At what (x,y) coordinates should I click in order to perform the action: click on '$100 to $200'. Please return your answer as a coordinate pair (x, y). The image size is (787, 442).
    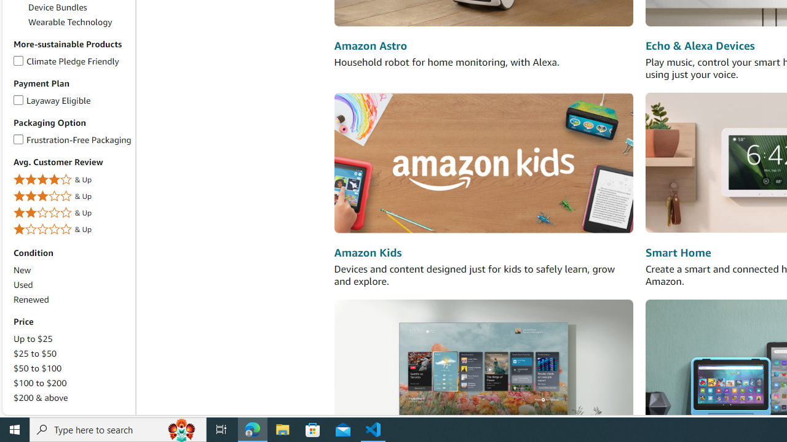
    Looking at the image, I should click on (71, 382).